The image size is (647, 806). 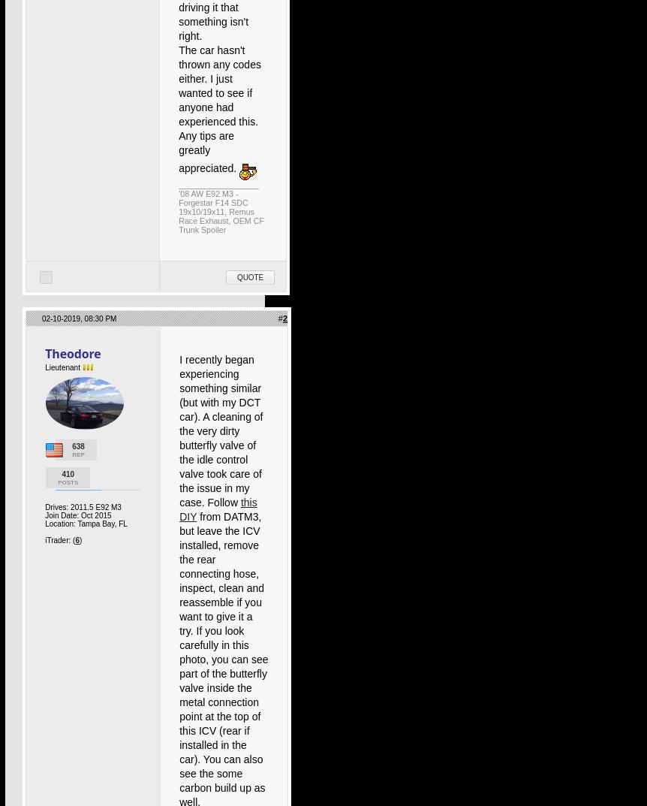 What do you see at coordinates (59, 539) in the screenshot?
I see `'iTrader: ('` at bounding box center [59, 539].